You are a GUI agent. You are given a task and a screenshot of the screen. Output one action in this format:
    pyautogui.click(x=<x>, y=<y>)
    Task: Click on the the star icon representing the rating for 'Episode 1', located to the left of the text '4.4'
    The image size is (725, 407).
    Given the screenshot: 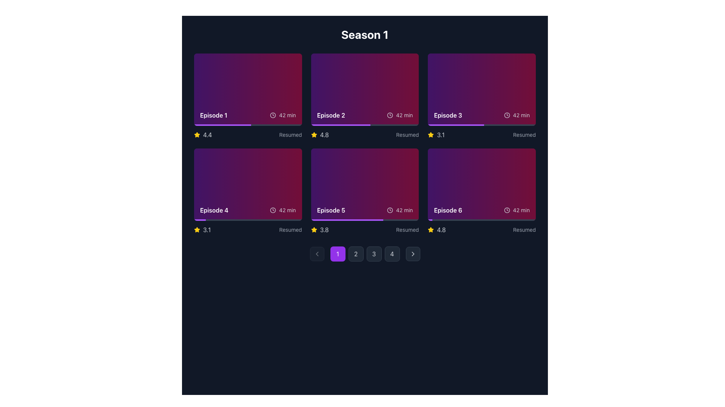 What is the action you would take?
    pyautogui.click(x=197, y=135)
    